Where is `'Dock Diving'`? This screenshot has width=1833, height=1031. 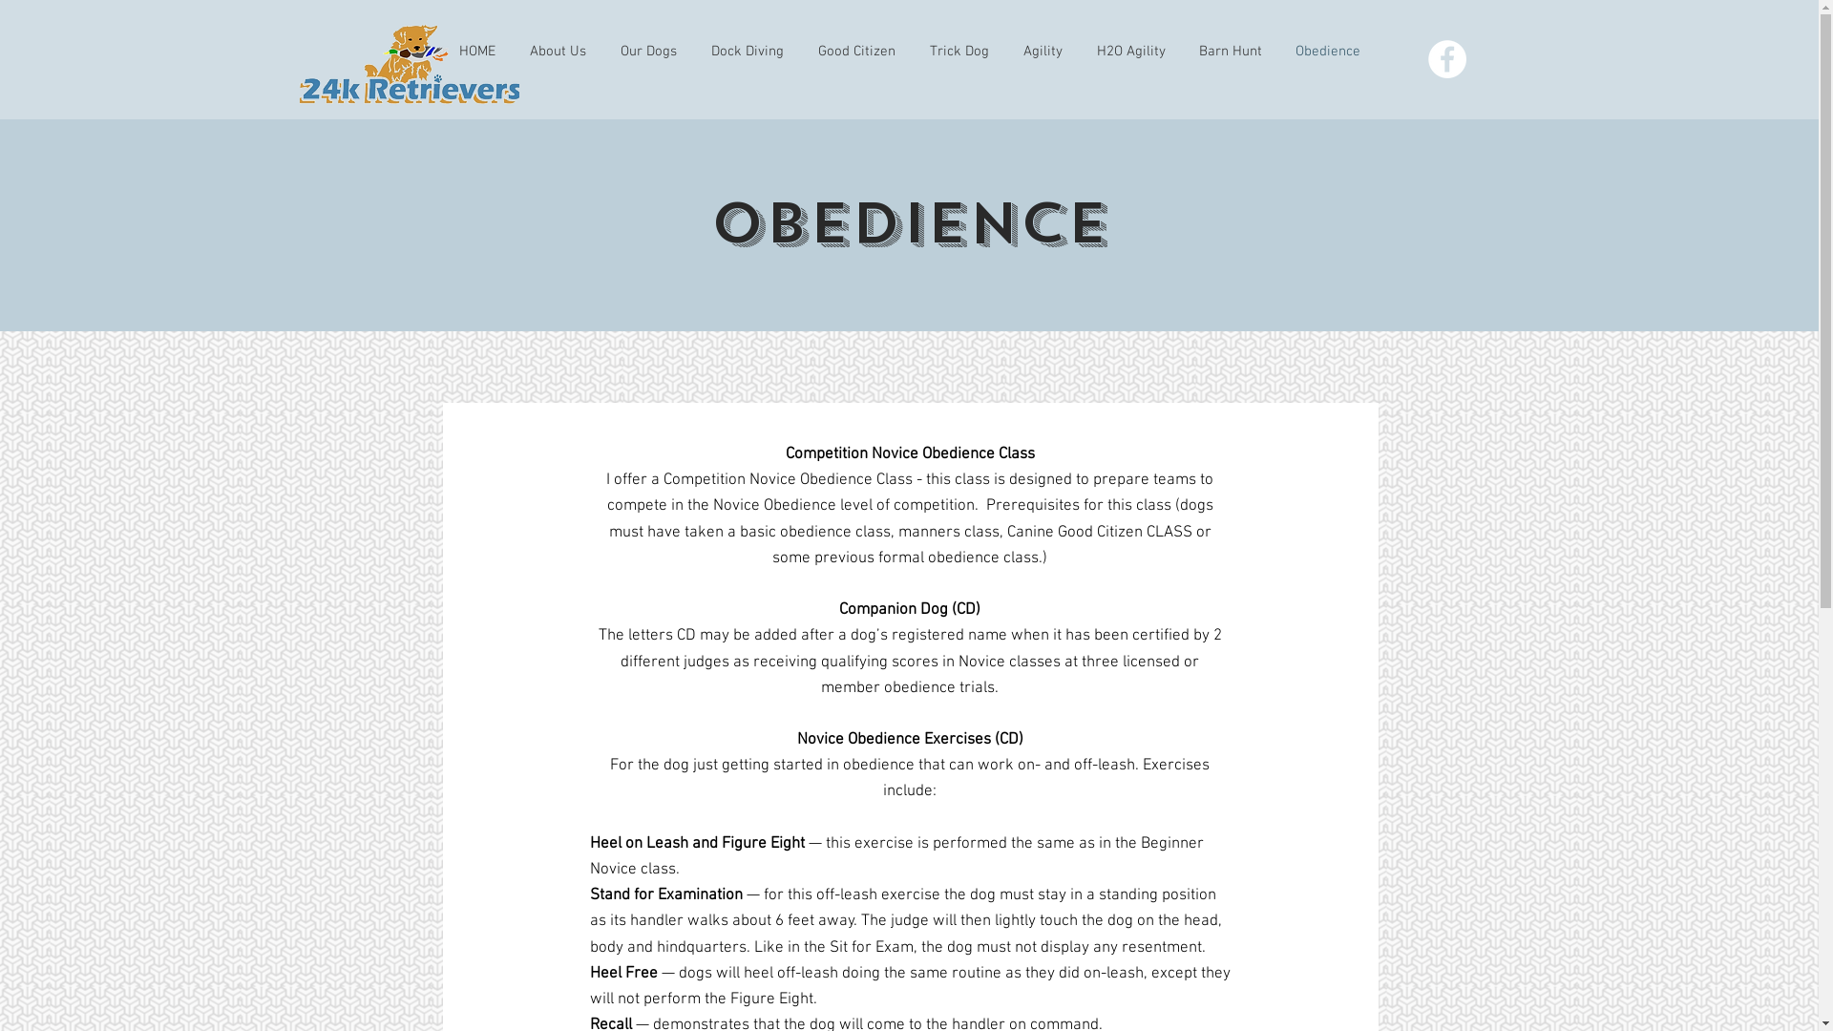 'Dock Diving' is located at coordinates (746, 51).